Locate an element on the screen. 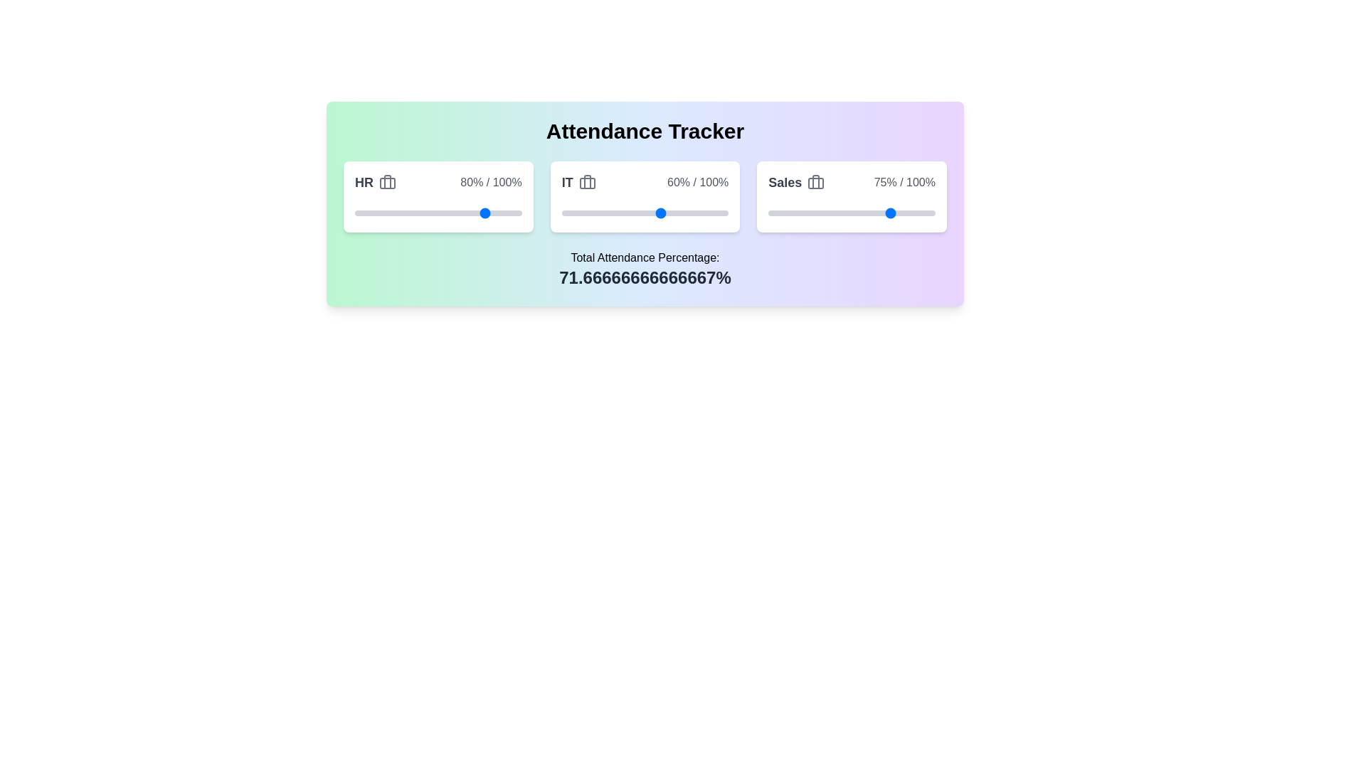 The image size is (1366, 768). the content block titled 'Sales' which has a white background and a progress indicator is located at coordinates (852, 197).